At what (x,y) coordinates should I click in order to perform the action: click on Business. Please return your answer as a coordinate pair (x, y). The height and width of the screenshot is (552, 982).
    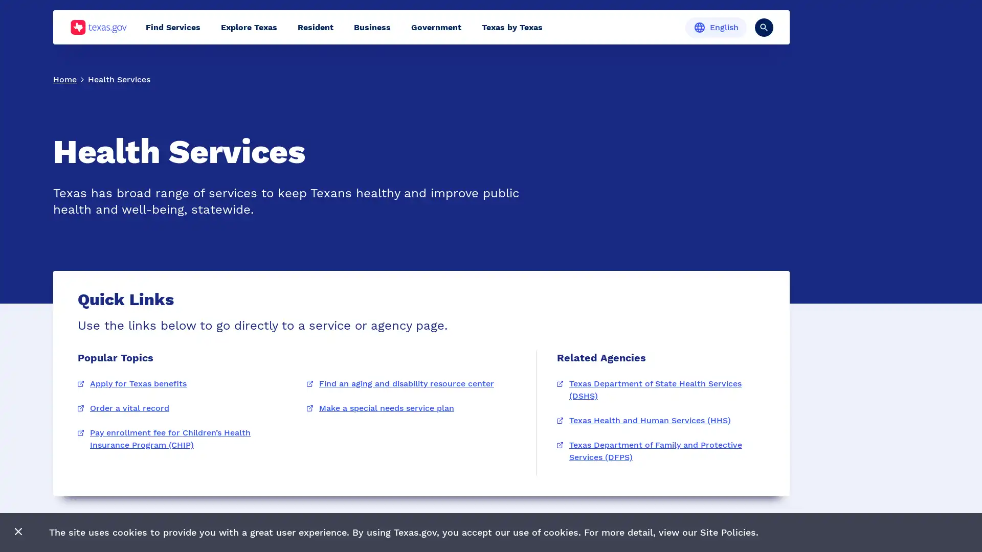
    Looking at the image, I should click on (372, 27).